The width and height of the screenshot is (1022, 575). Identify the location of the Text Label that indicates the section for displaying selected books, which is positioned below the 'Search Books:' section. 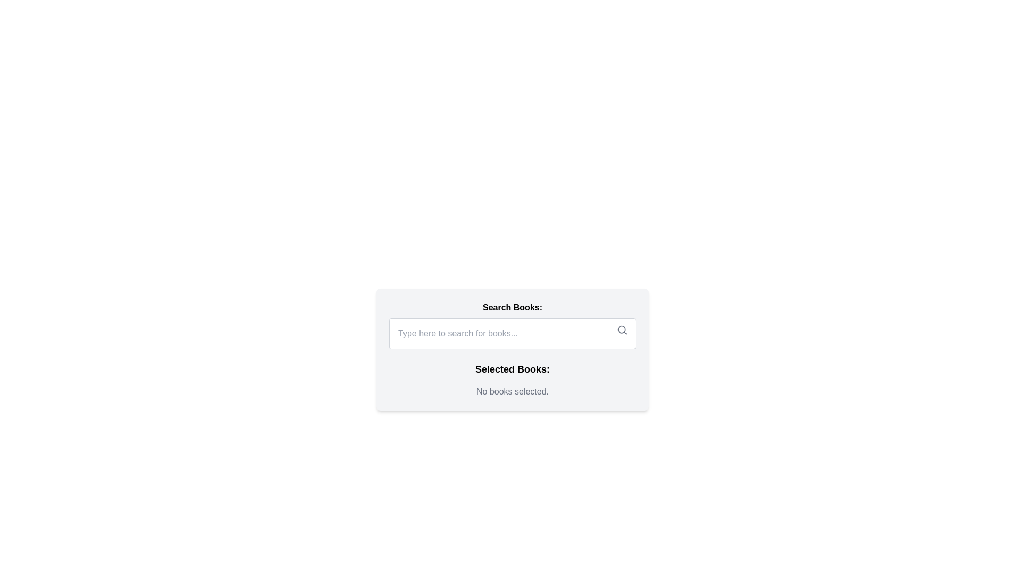
(513, 369).